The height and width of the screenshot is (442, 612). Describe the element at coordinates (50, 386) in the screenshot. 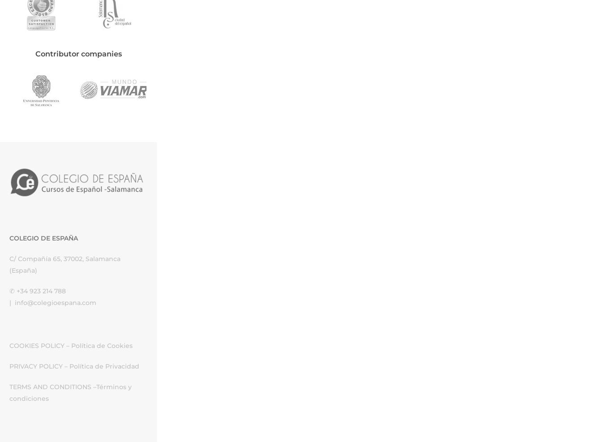

I see `'TERMS AND CONDITIONS'` at that location.